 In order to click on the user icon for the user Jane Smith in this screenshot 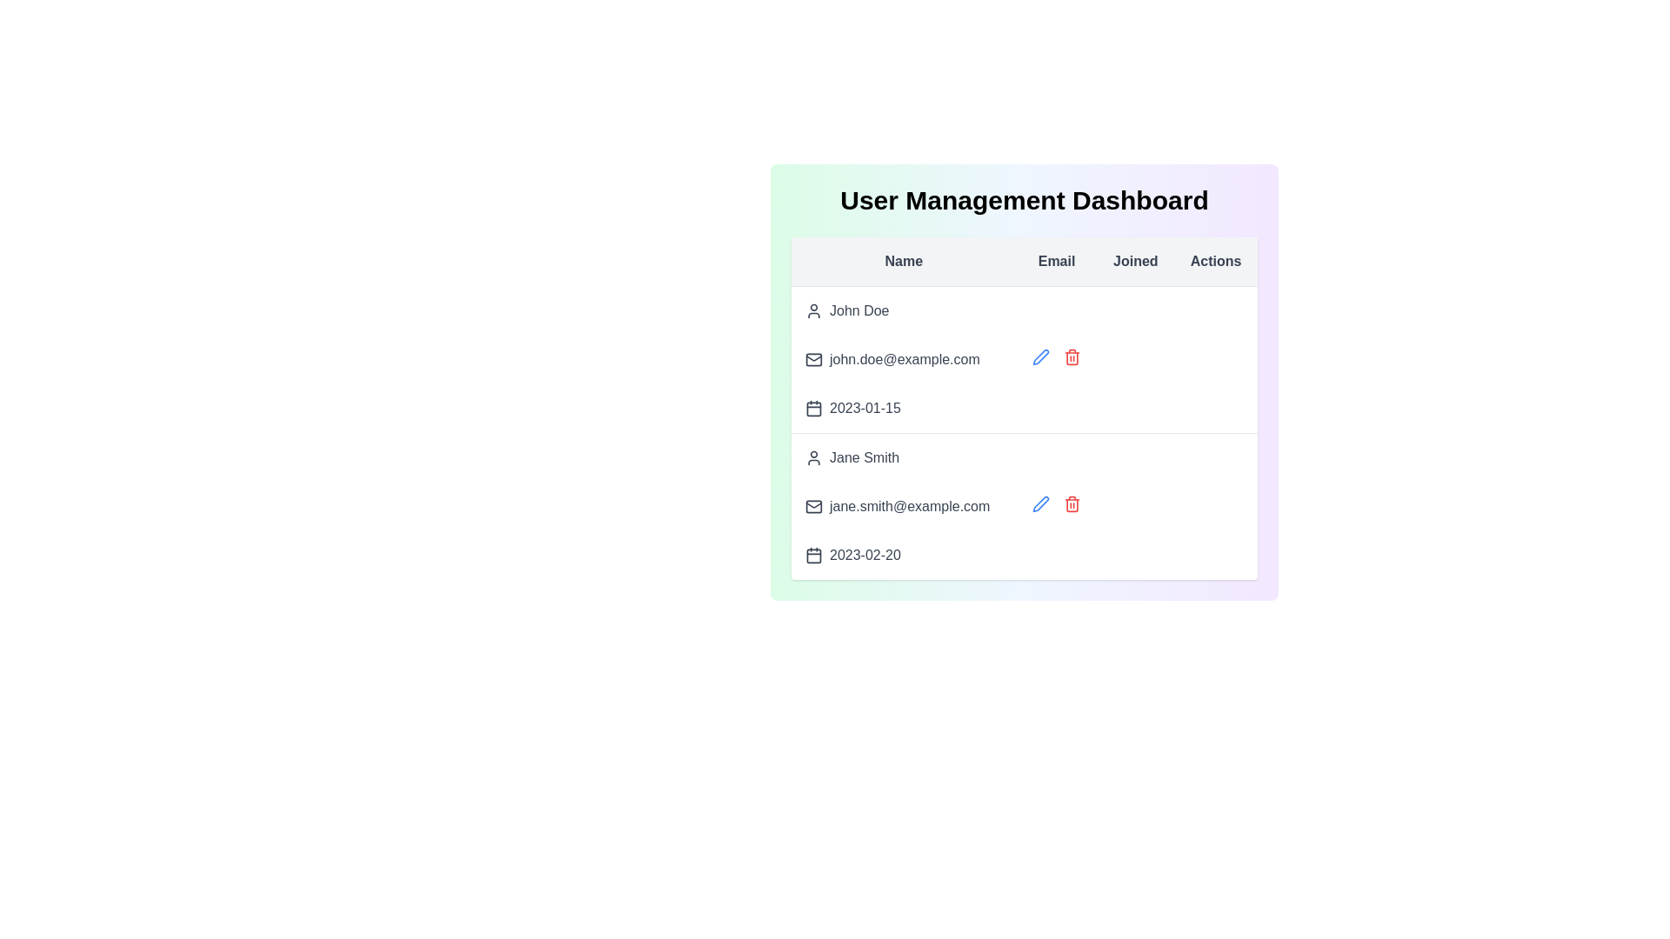, I will do `click(813, 457)`.